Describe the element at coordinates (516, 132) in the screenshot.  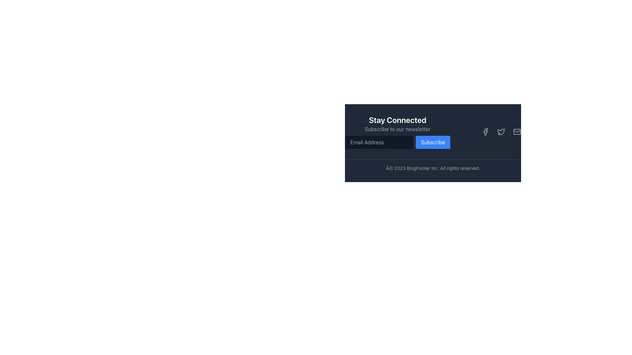
I see `the gray envelope icon in the footer area` at that location.